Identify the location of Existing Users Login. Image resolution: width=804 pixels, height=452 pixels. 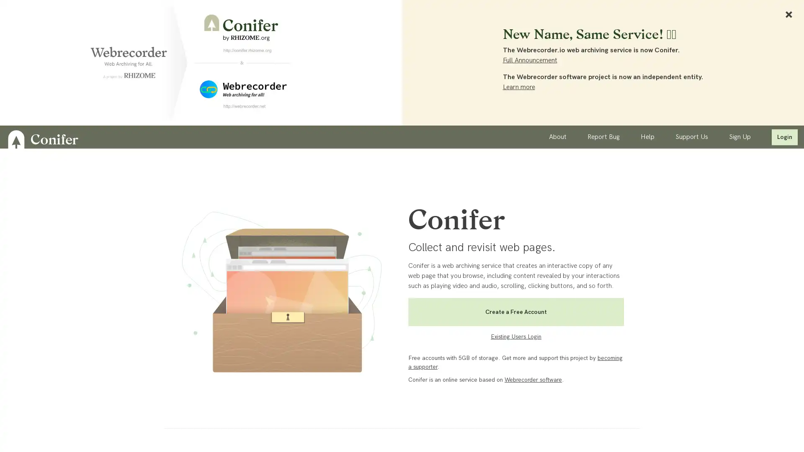
(515, 338).